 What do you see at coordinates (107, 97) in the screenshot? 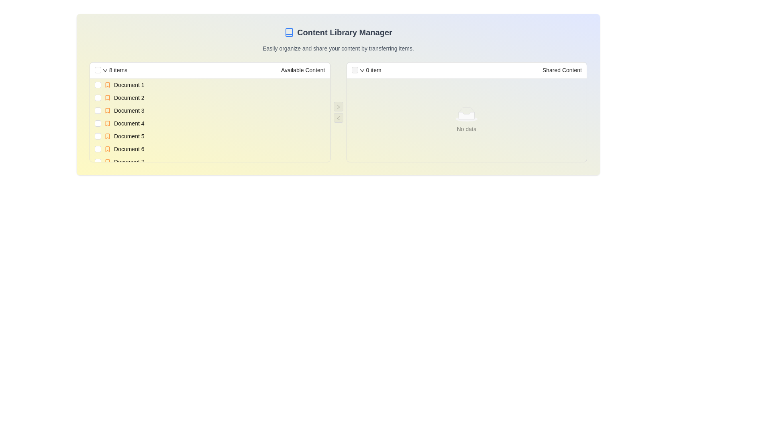
I see `the bookmark icon located to the left of the label 'Document 2' in the second row of the 'Available Content' list` at bounding box center [107, 97].